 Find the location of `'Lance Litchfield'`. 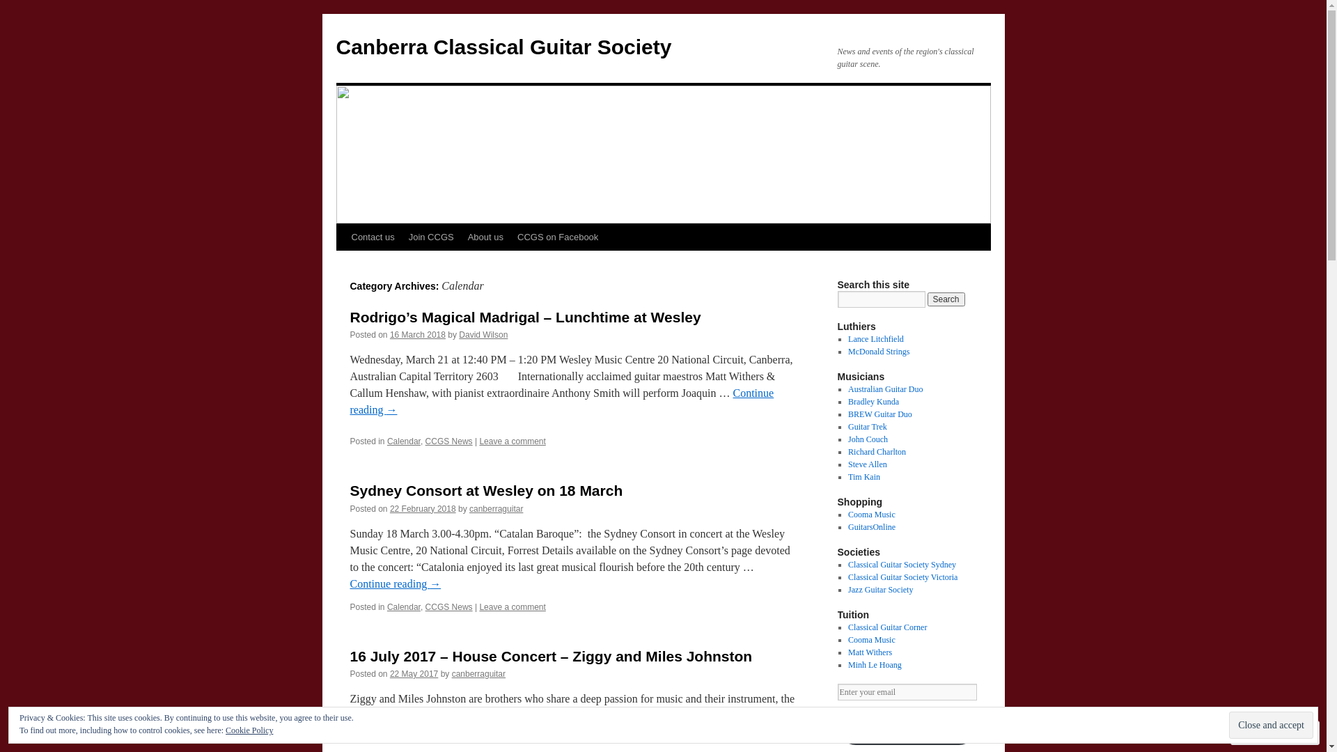

'Lance Litchfield' is located at coordinates (847, 338).